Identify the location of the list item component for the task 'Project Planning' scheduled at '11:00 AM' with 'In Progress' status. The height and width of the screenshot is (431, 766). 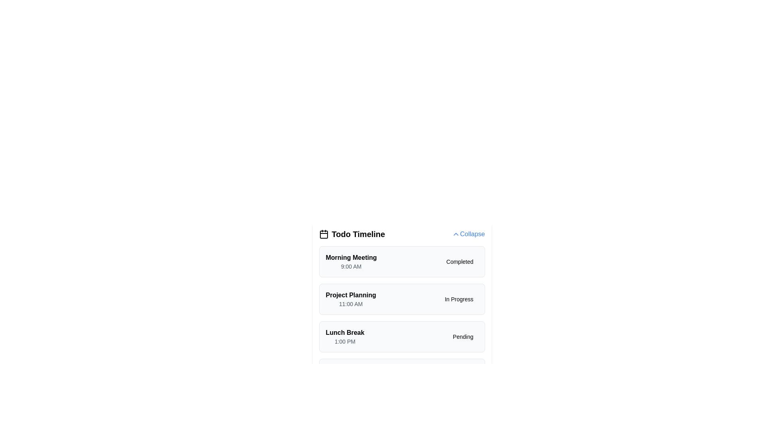
(402, 318).